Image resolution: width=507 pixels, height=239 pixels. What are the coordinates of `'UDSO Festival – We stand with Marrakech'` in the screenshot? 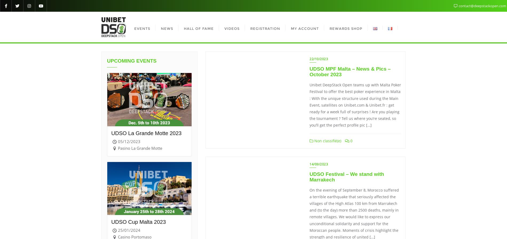 It's located at (309, 176).